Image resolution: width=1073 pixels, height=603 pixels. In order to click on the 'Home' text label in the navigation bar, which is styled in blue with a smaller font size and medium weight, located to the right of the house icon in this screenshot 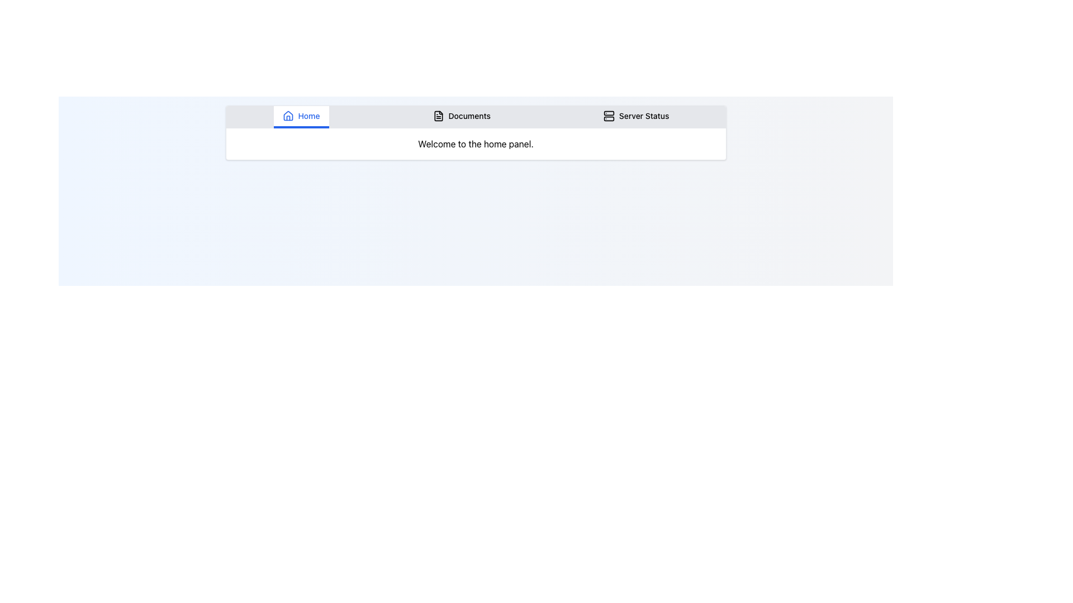, I will do `click(308, 116)`.